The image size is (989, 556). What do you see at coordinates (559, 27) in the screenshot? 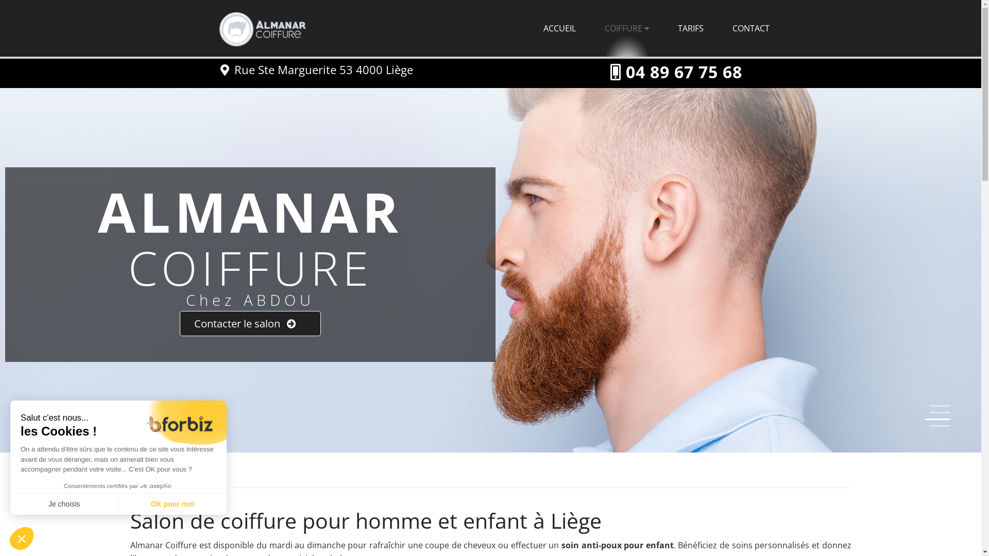
I see `'ACCUEIL'` at bounding box center [559, 27].